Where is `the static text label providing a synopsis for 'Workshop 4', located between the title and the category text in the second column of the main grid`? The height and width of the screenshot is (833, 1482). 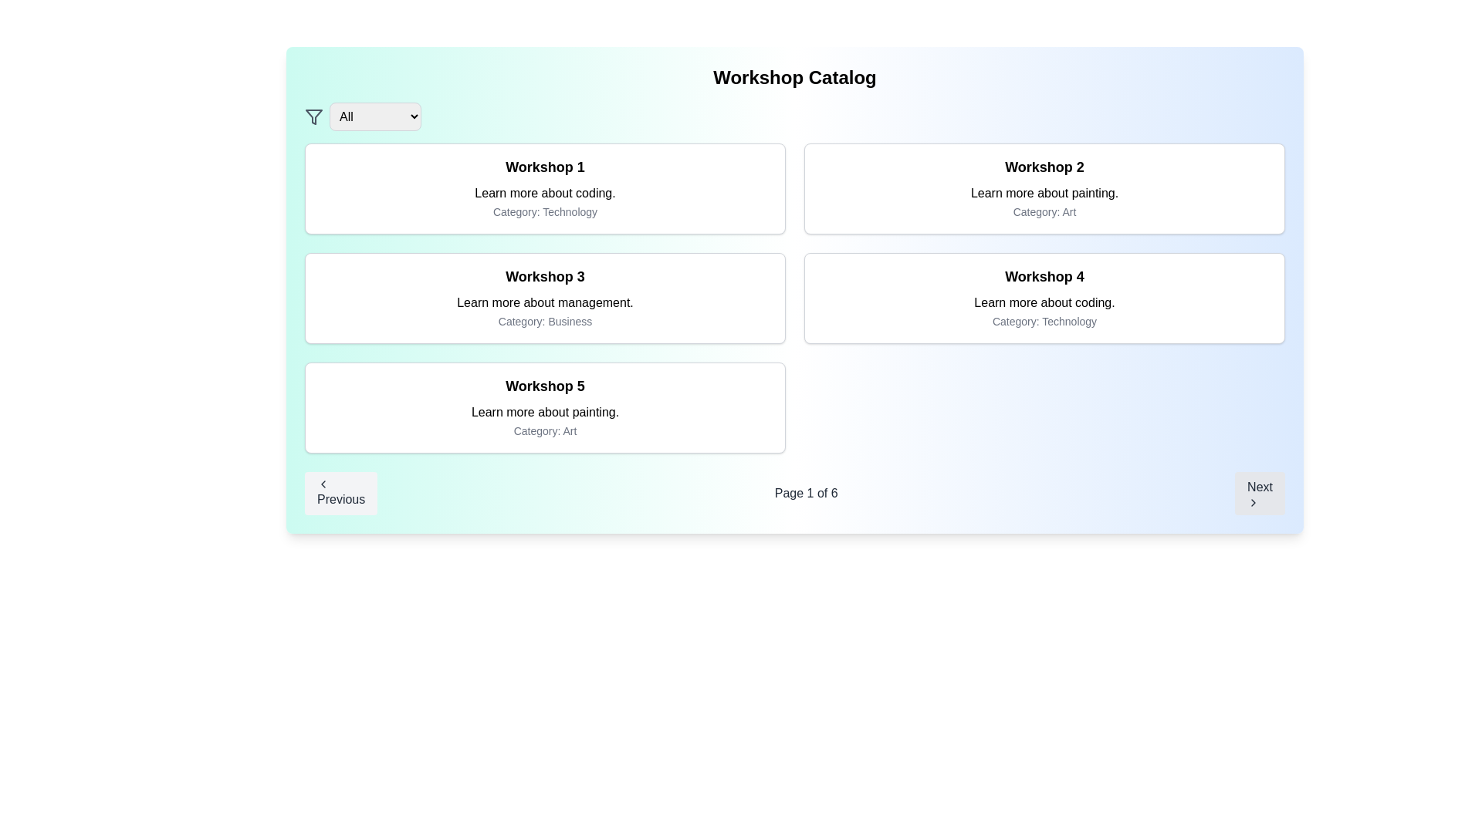 the static text label providing a synopsis for 'Workshop 4', located between the title and the category text in the second column of the main grid is located at coordinates (1044, 303).